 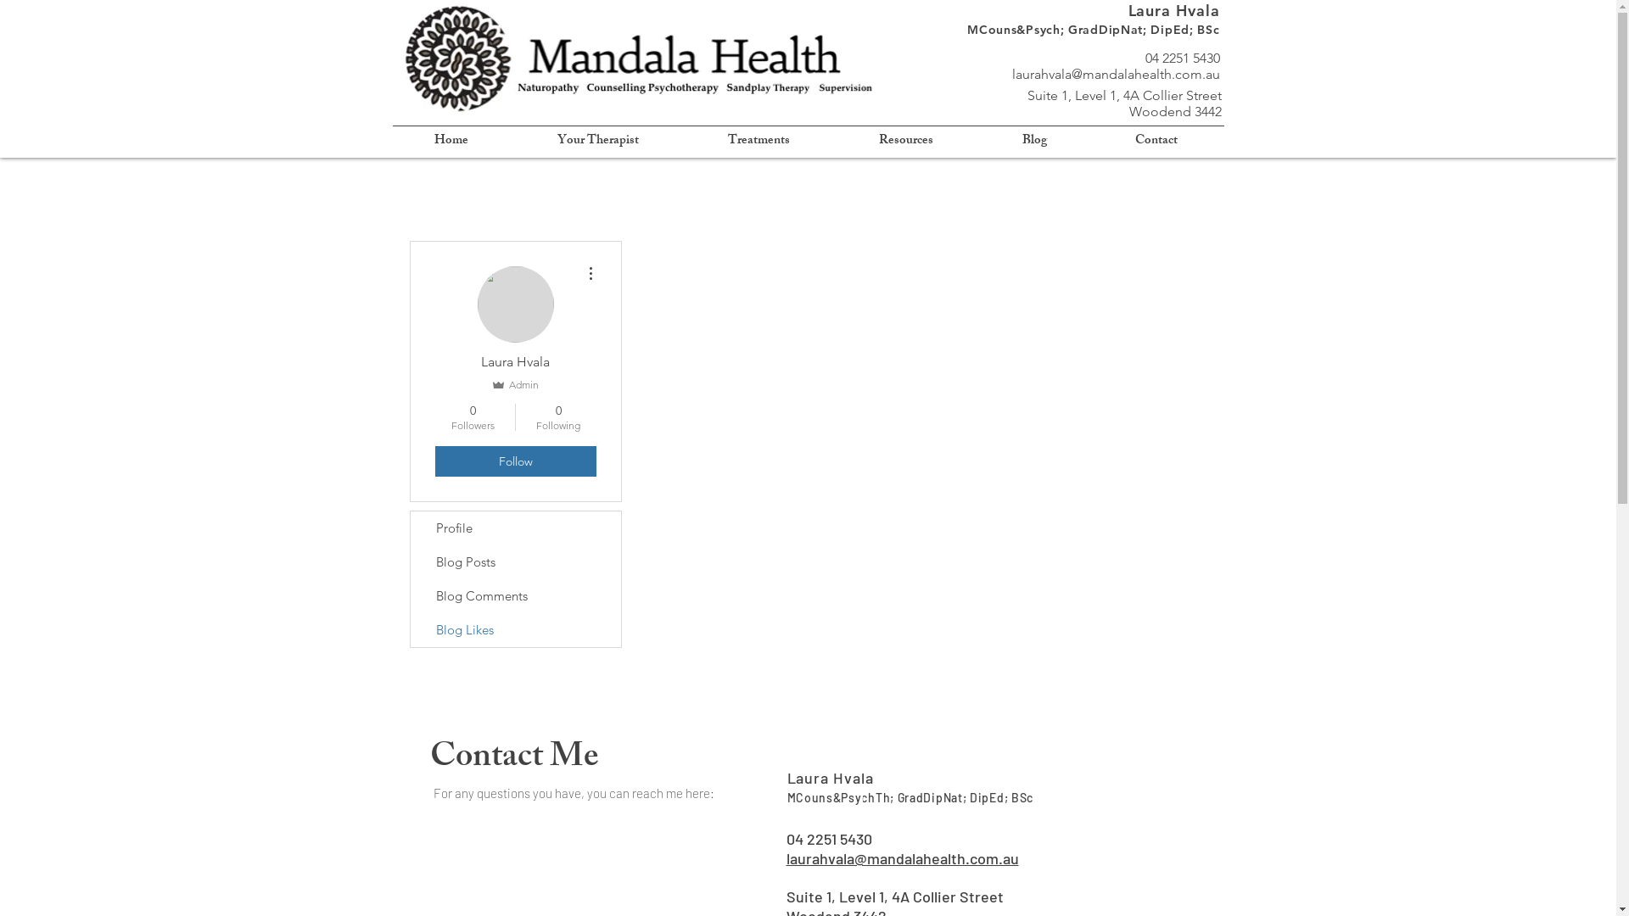 What do you see at coordinates (597, 140) in the screenshot?
I see `'Your Therapist'` at bounding box center [597, 140].